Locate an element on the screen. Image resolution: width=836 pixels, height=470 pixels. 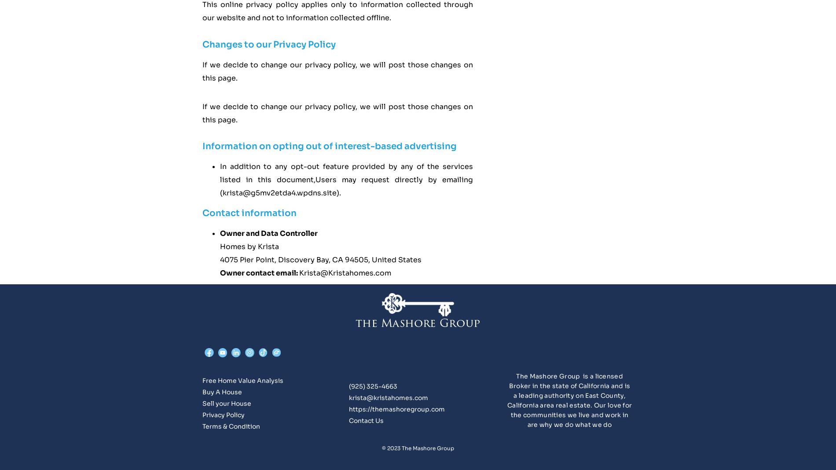
'Our love for the communities we live and work in are why we do what we do' is located at coordinates (571, 414).